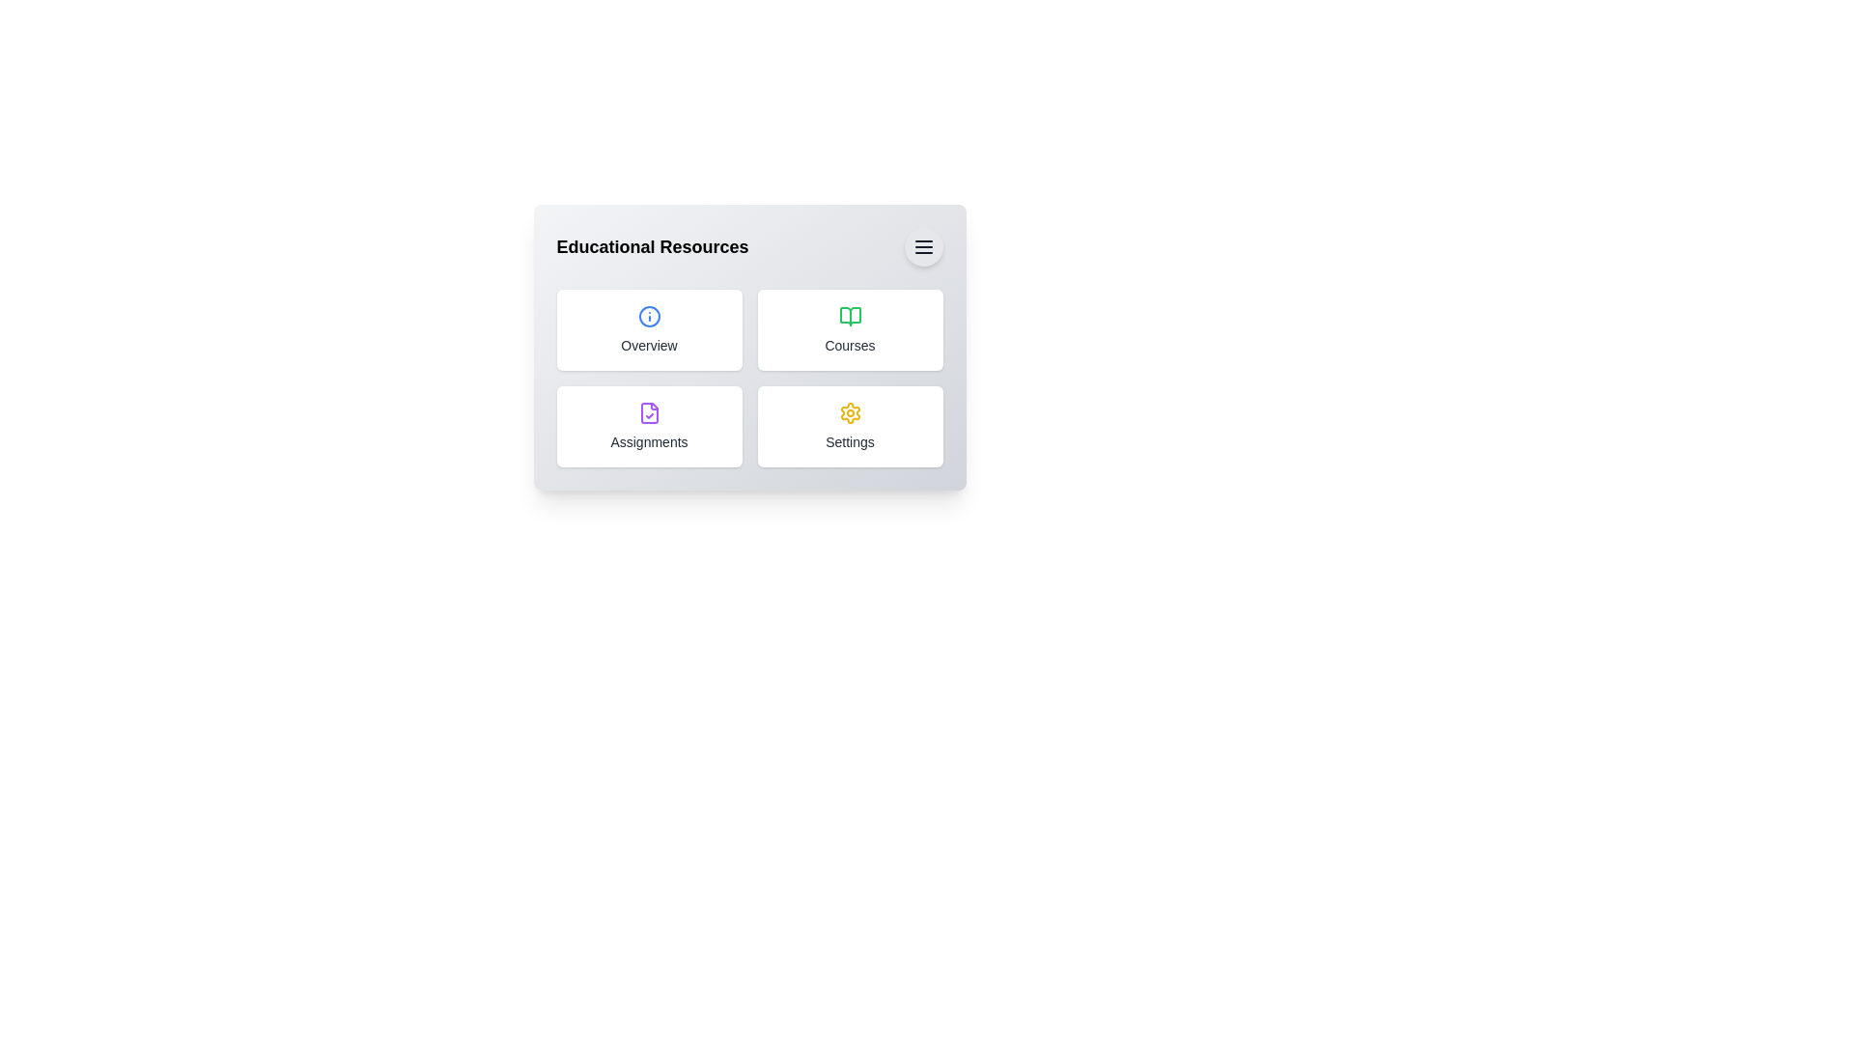 This screenshot has width=1854, height=1043. Describe the element at coordinates (649, 426) in the screenshot. I see `the 'Assignments' button in the menu` at that location.